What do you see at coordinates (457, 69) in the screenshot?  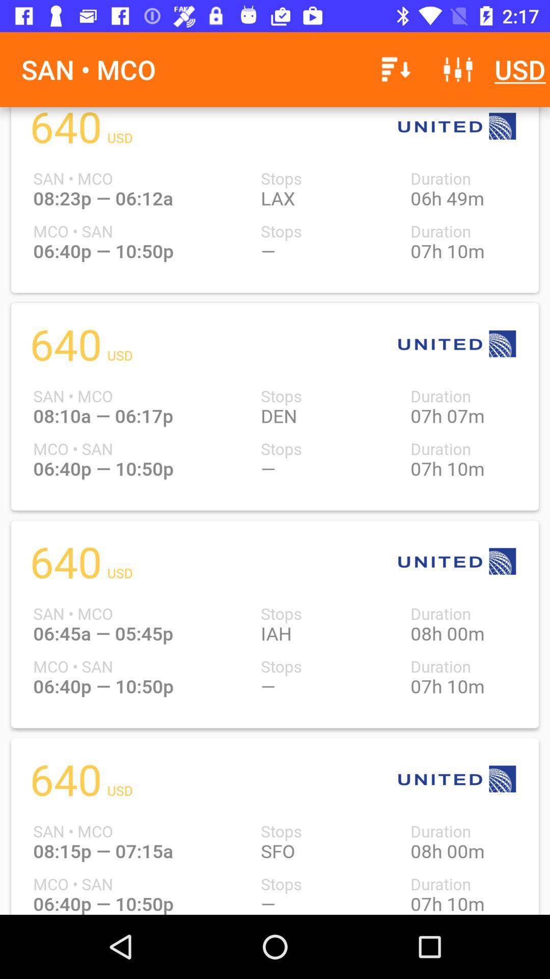 I see `the icon to the left of the usd` at bounding box center [457, 69].